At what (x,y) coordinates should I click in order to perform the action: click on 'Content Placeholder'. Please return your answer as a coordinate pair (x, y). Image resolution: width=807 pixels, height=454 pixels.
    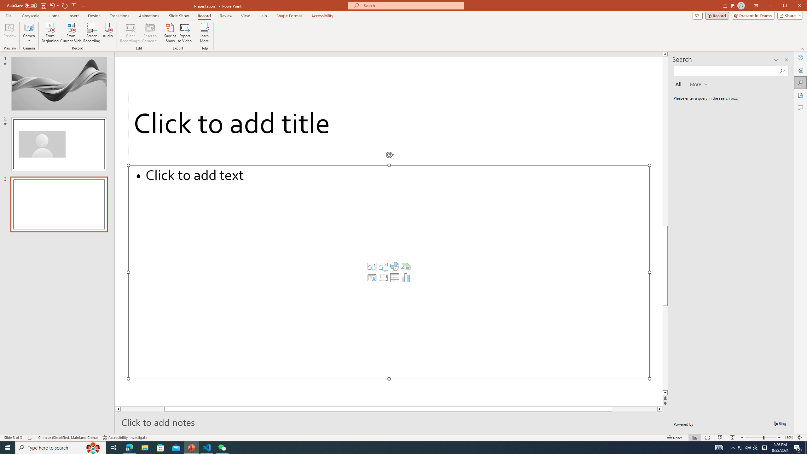
    Looking at the image, I should click on (388, 272).